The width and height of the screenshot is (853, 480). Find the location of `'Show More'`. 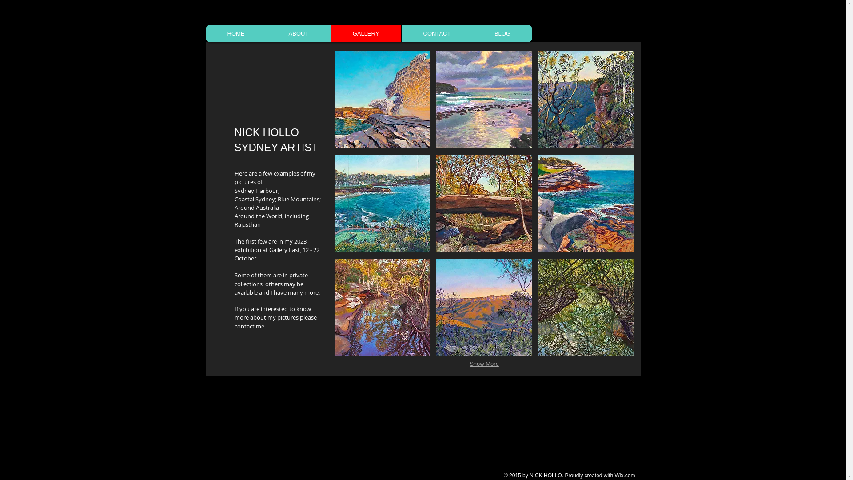

'Show More' is located at coordinates (483, 364).